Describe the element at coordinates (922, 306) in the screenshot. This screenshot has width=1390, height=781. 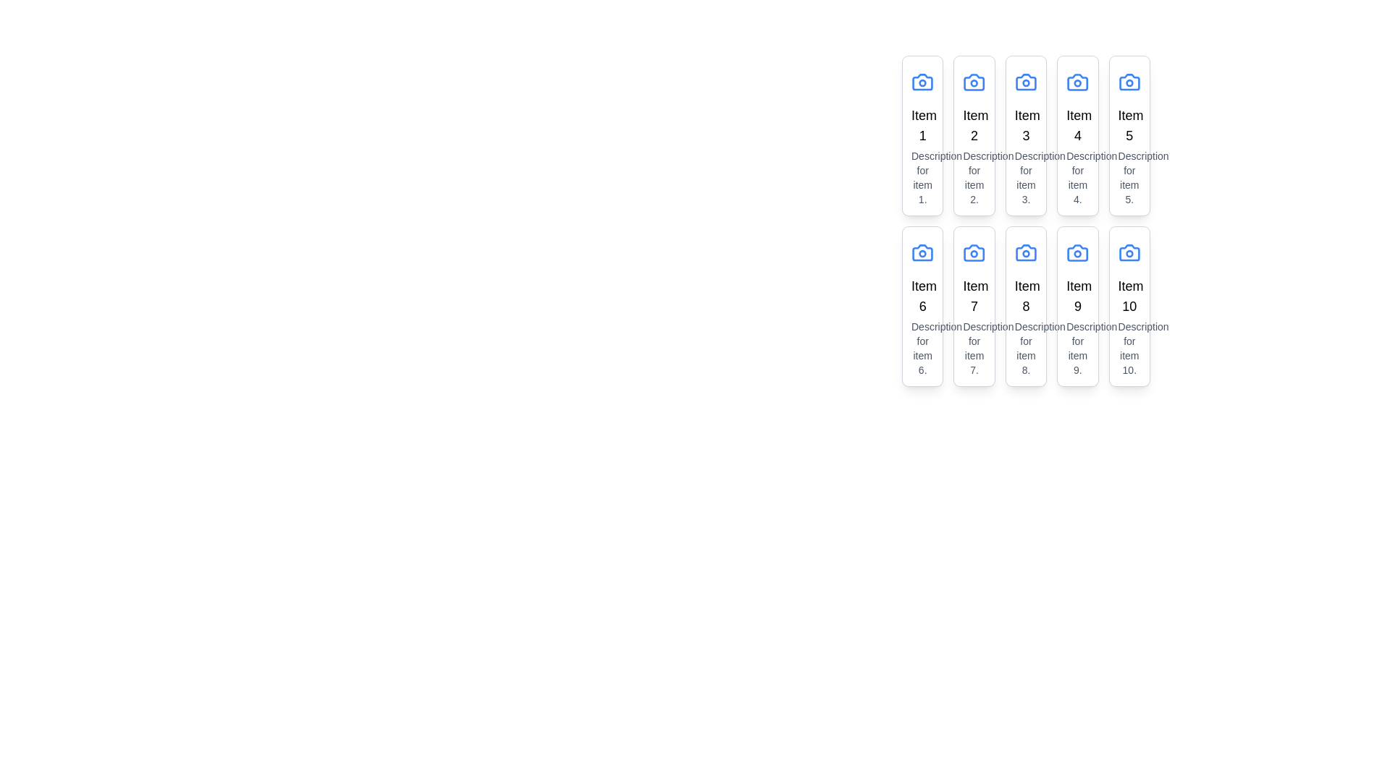
I see `the card representing 'Item 6' to observe styling effects, as it is positioned as the first item in the second row of a grid layout` at that location.